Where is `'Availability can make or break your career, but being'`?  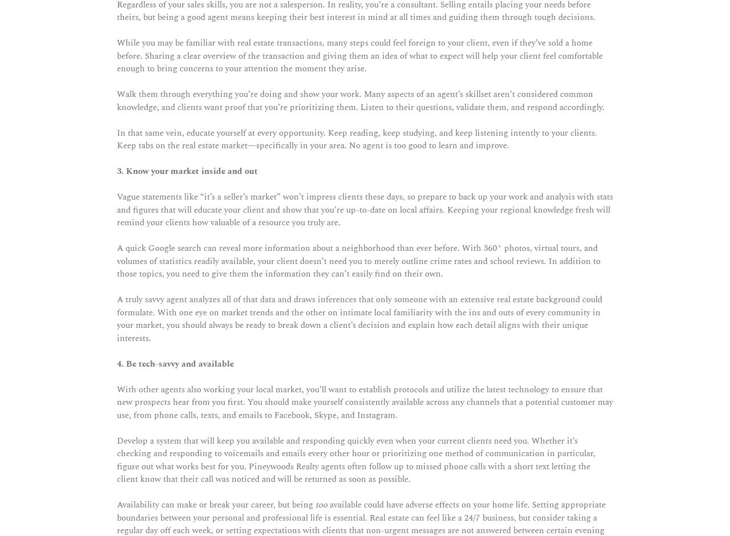
'Availability can make or break your career, but being' is located at coordinates (216, 505).